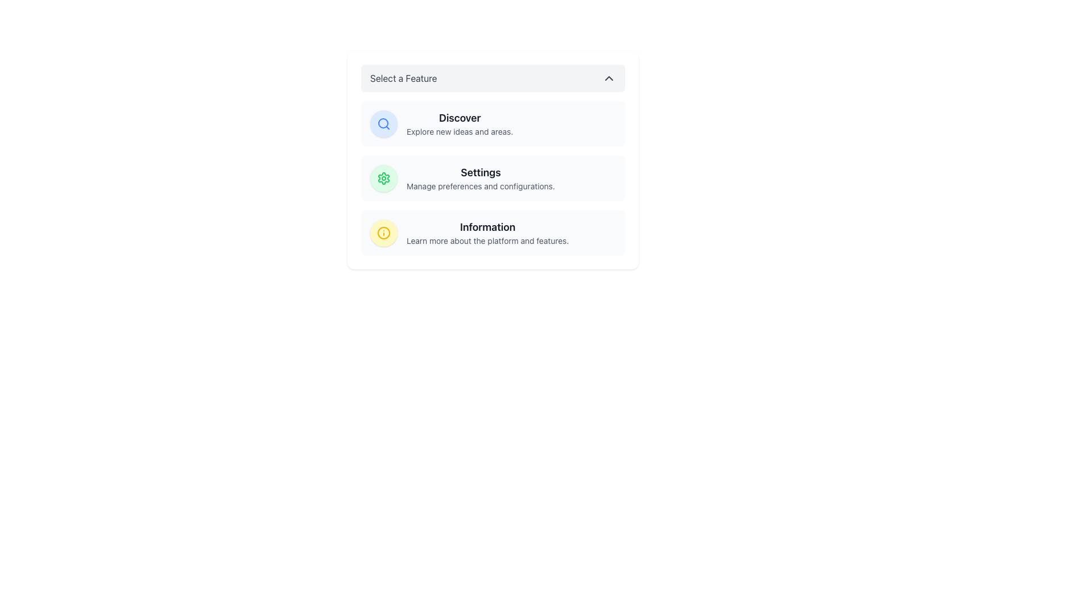 The width and height of the screenshot is (1092, 614). What do you see at coordinates (493, 124) in the screenshot?
I see `the 'Discover' menu item, which is the first item in the list below the header 'Select a Feature'` at bounding box center [493, 124].